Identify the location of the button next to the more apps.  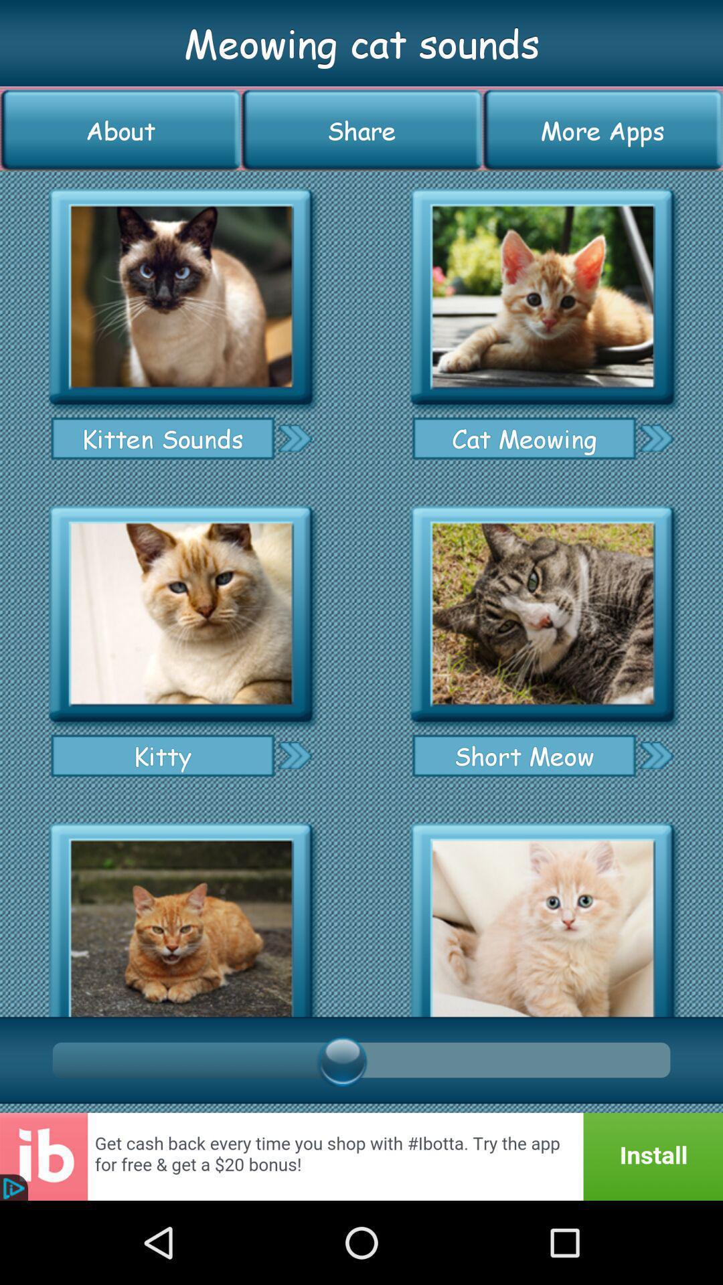
(361, 130).